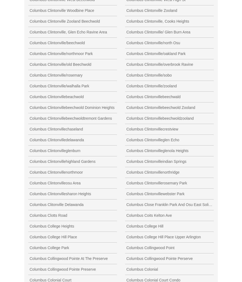 This screenshot has width=242, height=282. What do you see at coordinates (152, 129) in the screenshot?
I see `'Columbus Clintonvillecrestview'` at bounding box center [152, 129].